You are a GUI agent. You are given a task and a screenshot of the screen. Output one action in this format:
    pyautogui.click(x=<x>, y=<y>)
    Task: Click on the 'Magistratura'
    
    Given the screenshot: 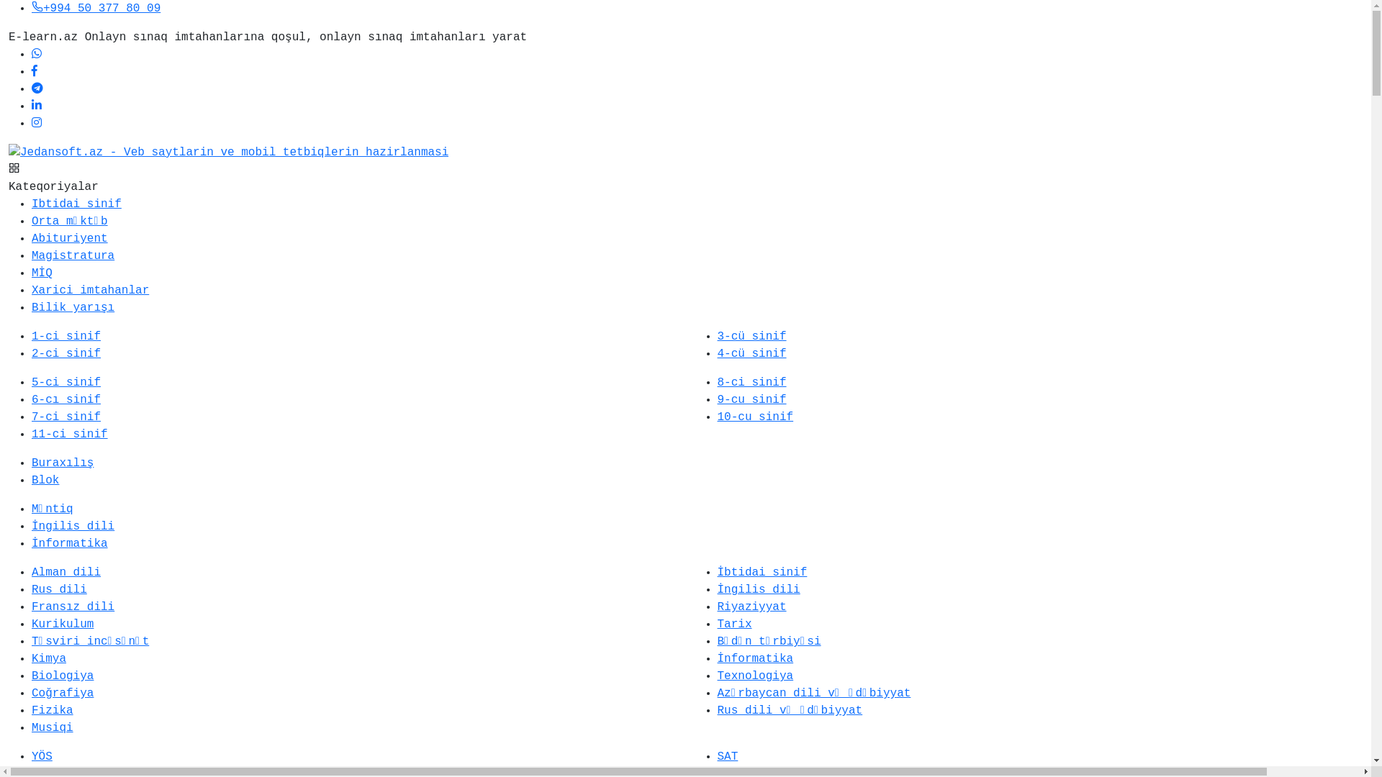 What is the action you would take?
    pyautogui.click(x=72, y=255)
    